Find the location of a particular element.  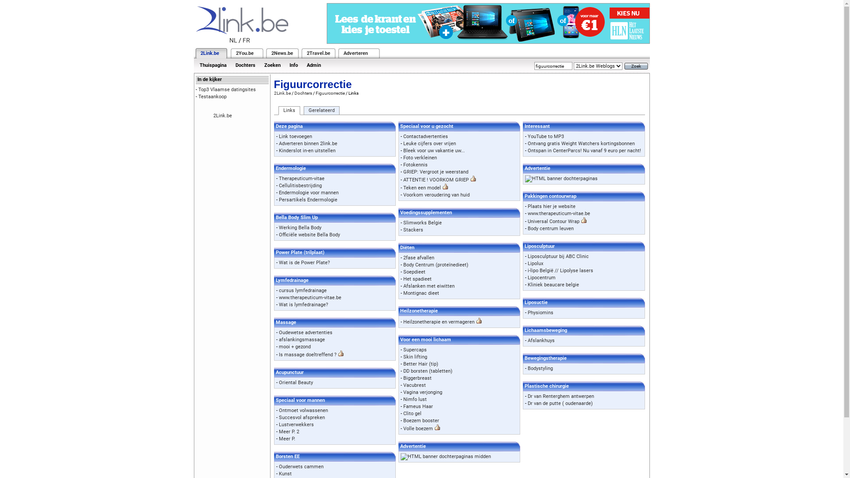

'NL' is located at coordinates (233, 40).